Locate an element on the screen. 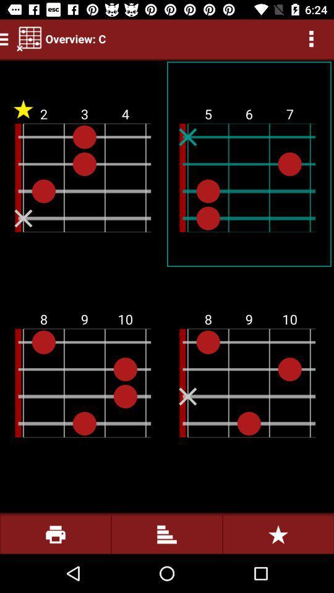  the item next to overview: c item is located at coordinates (29, 38).